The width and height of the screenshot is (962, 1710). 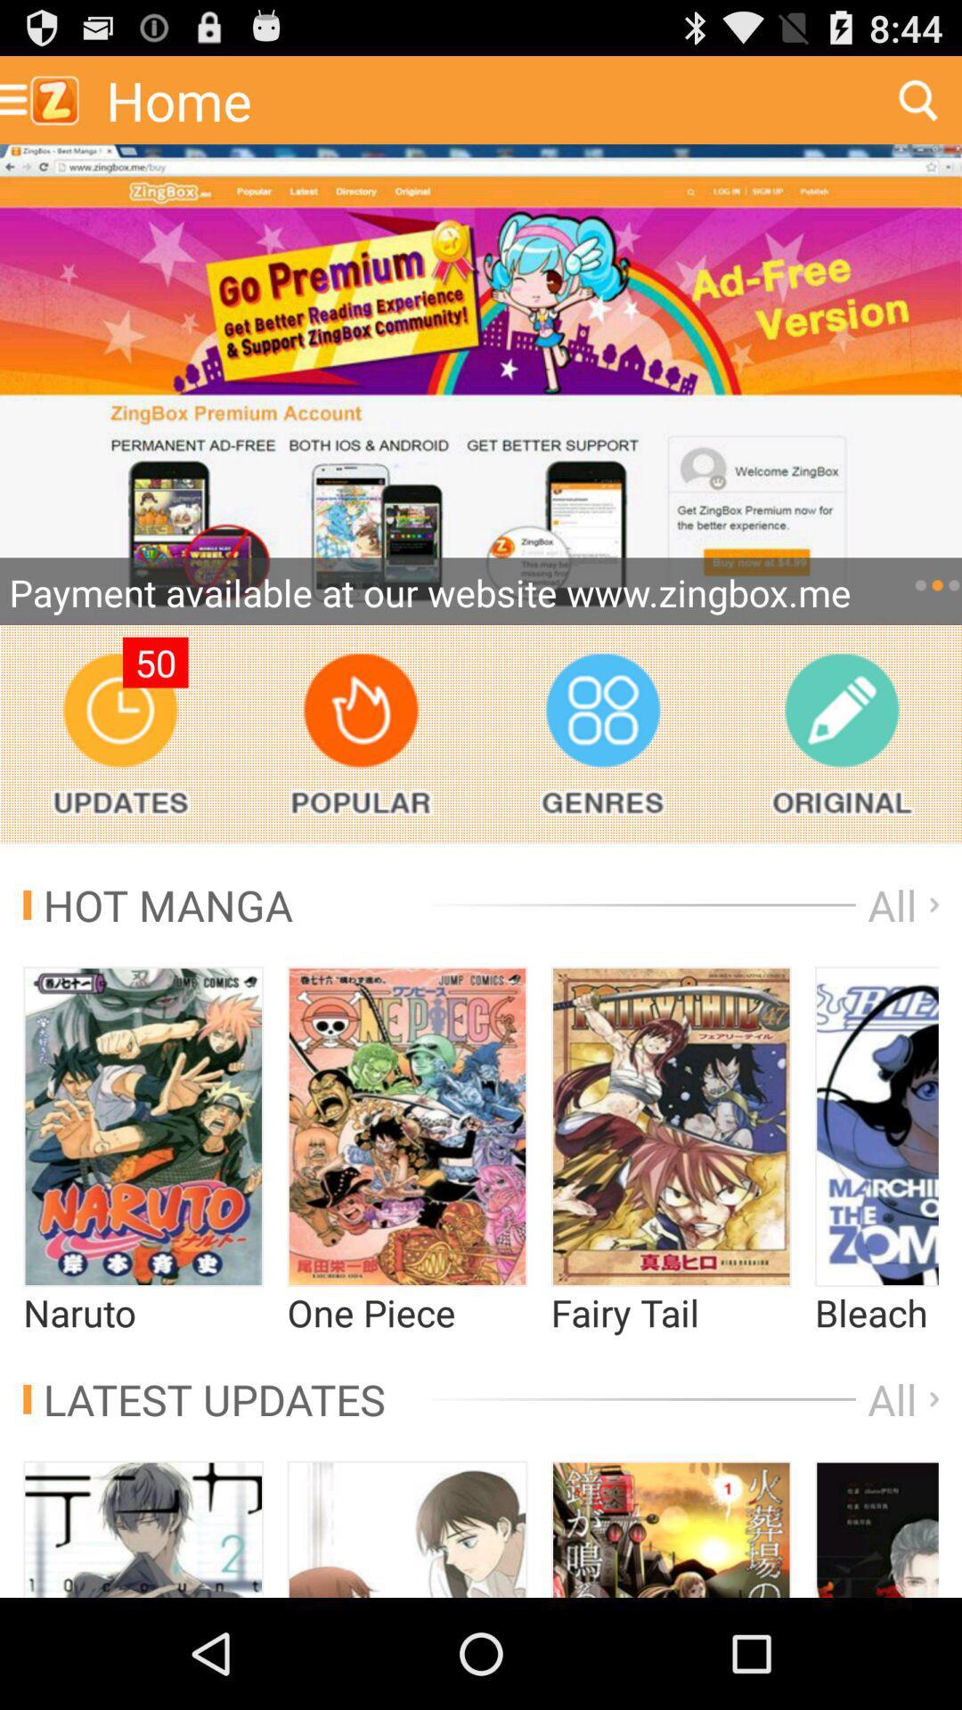 I want to click on expand episode details, so click(x=143, y=1126).